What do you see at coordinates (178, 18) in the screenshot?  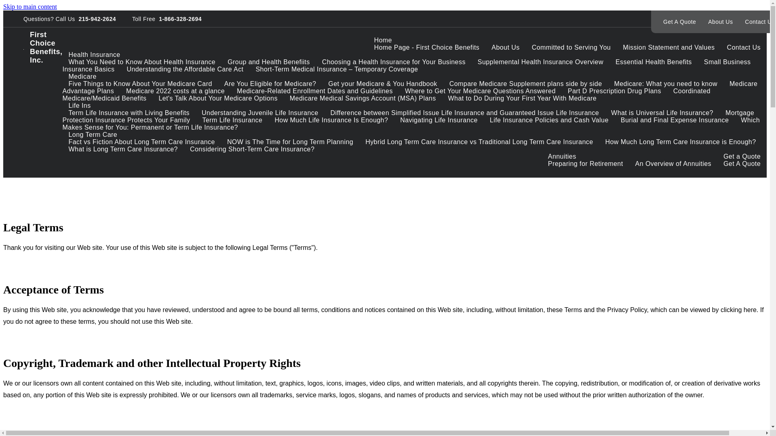 I see `'1-866-328-2694'` at bounding box center [178, 18].